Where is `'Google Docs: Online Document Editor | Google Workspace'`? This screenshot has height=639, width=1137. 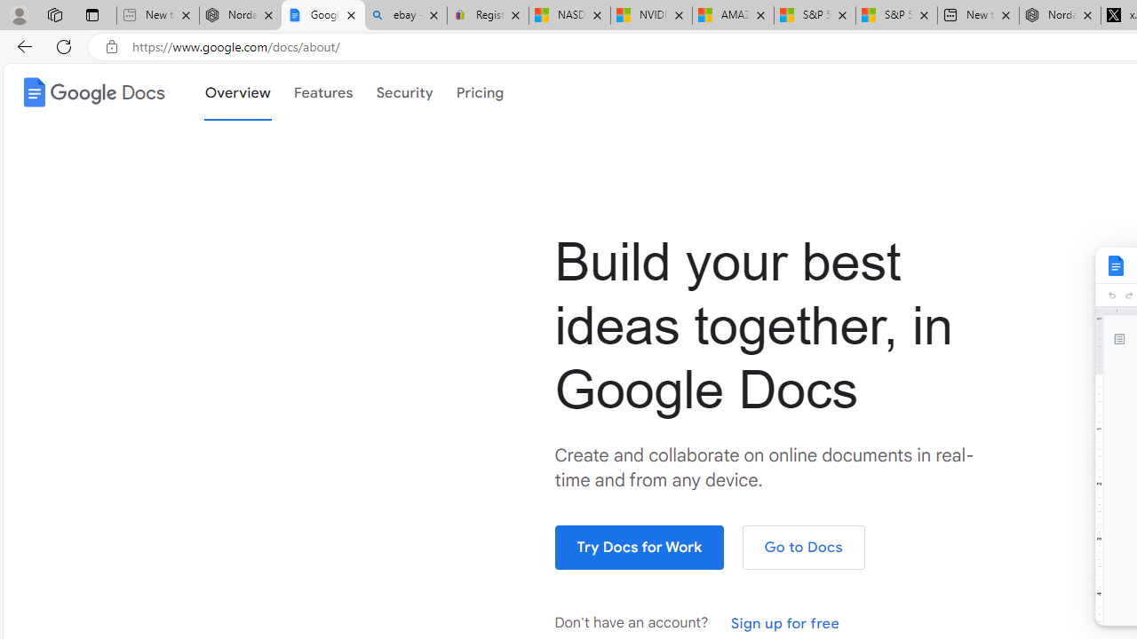
'Google Docs: Online Document Editor | Google Workspace' is located at coordinates (322, 15).